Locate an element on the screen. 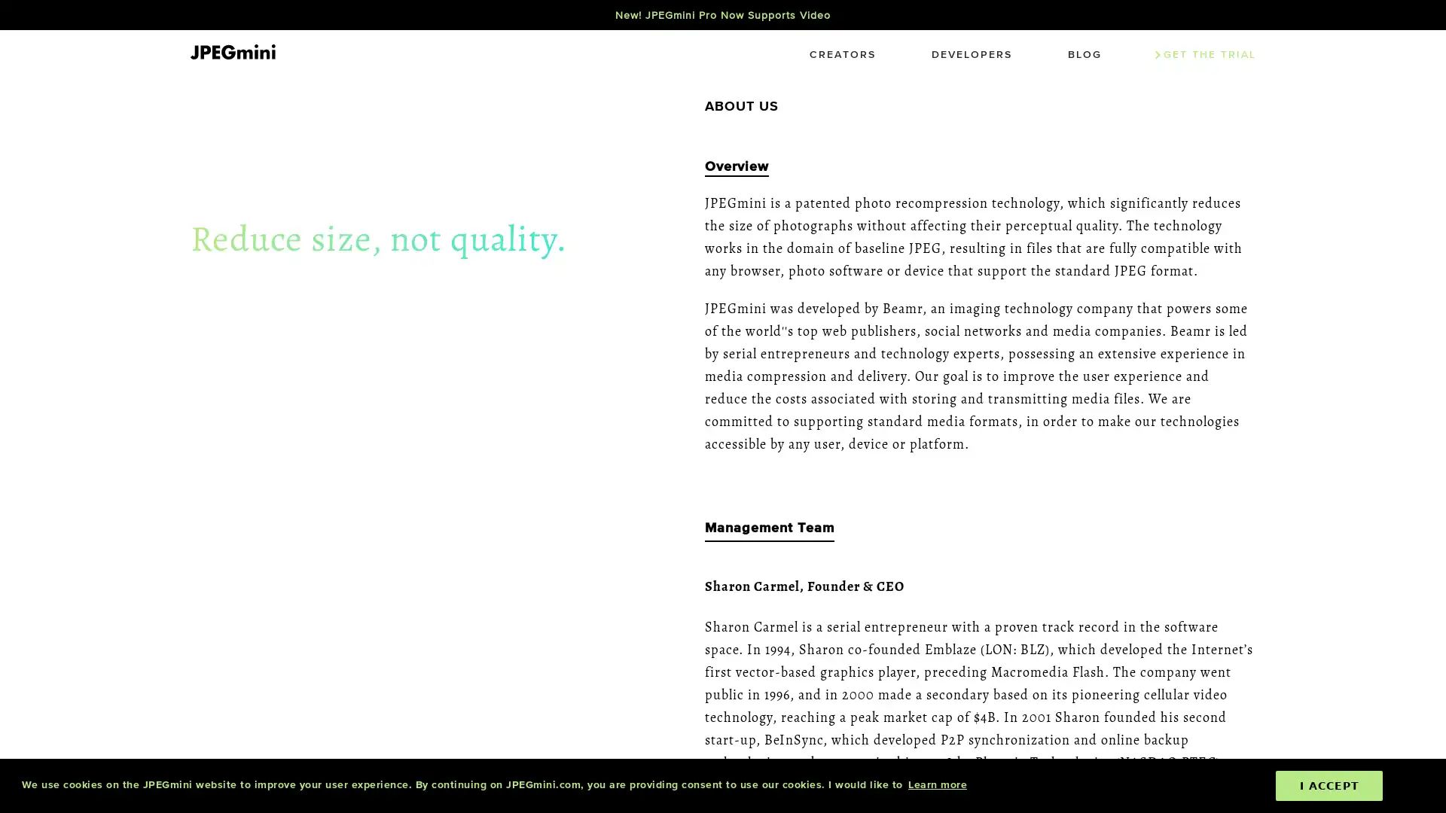  dismiss cookie message is located at coordinates (1329, 785).